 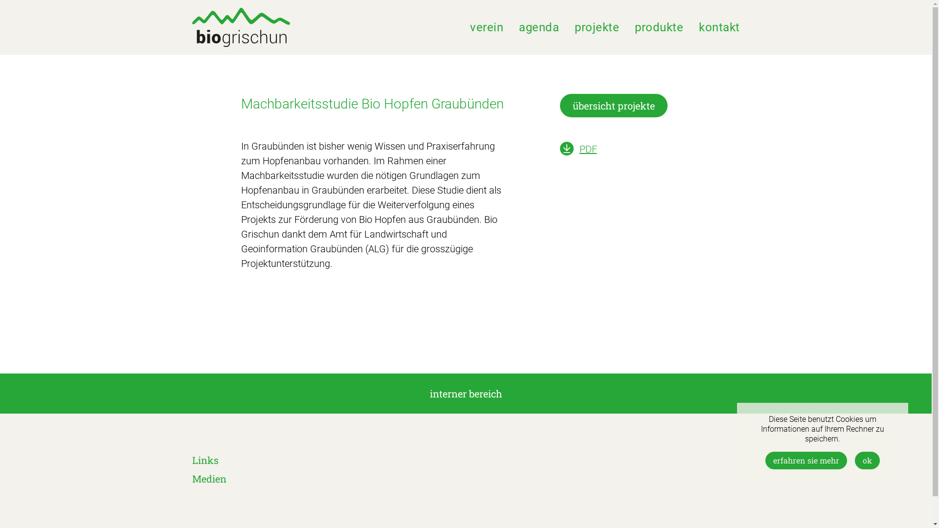 I want to click on 'ok', so click(x=867, y=460).